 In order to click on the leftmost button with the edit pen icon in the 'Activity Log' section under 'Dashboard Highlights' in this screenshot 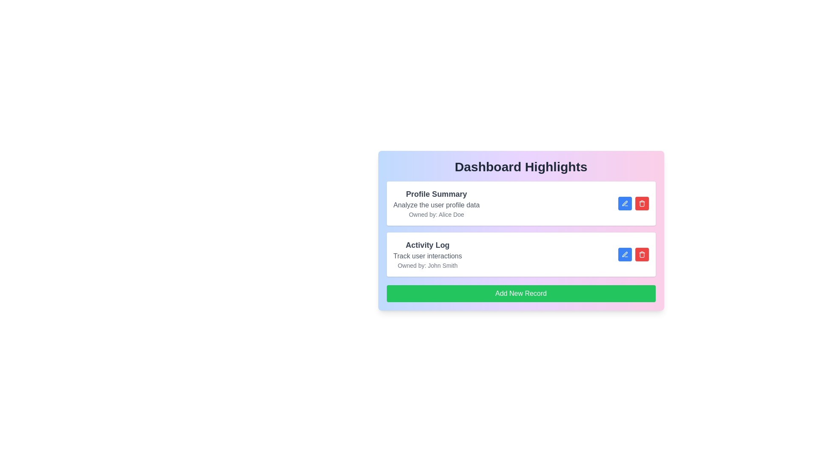, I will do `click(625, 254)`.